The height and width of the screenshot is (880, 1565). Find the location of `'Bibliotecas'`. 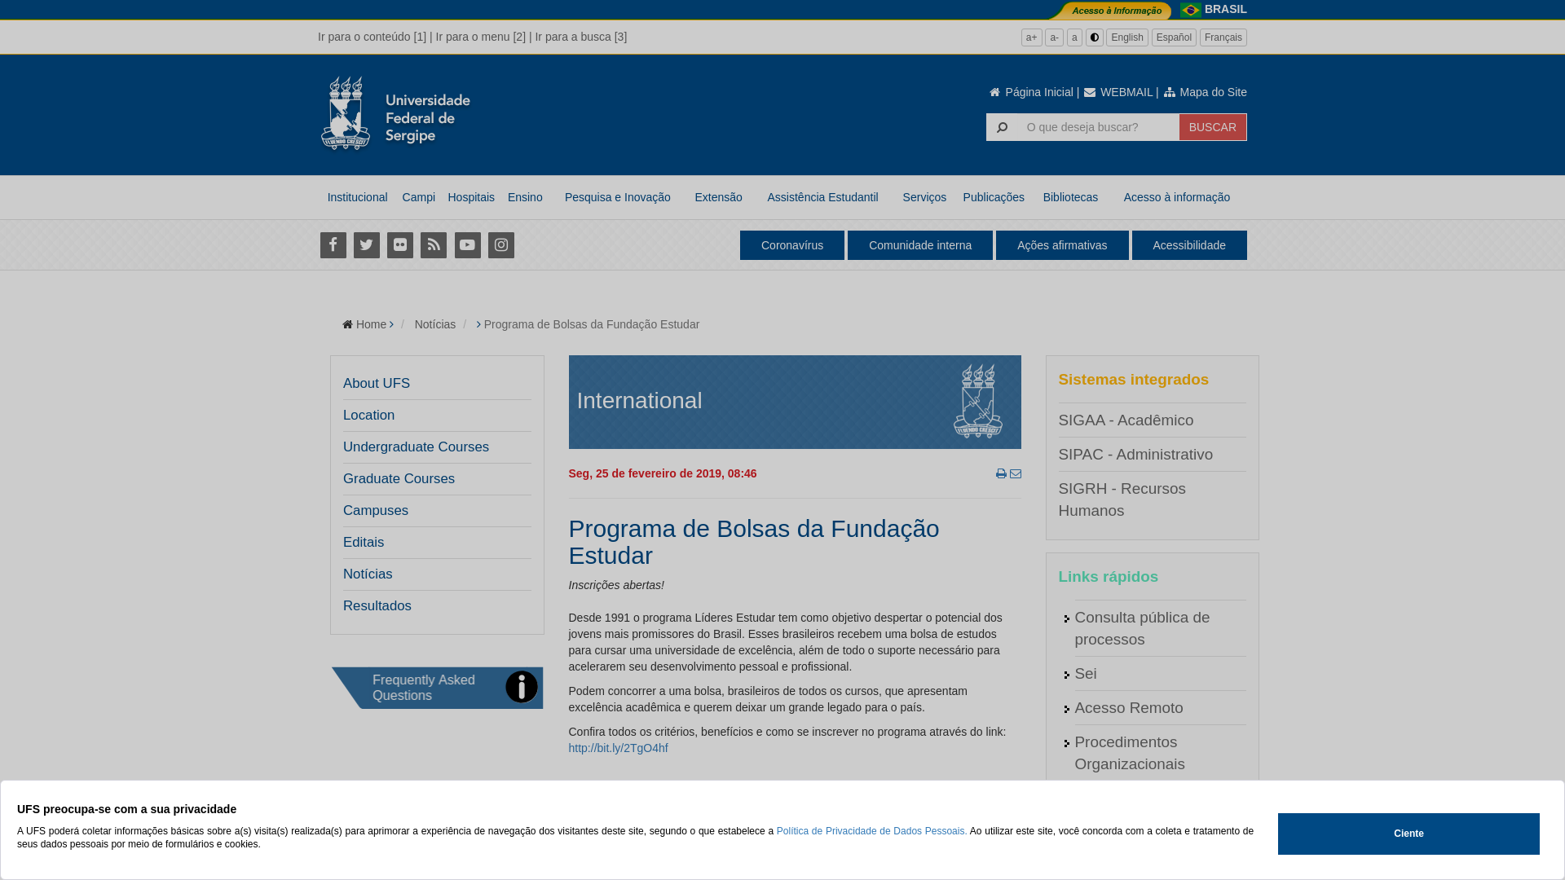

'Bibliotecas' is located at coordinates (1070, 196).